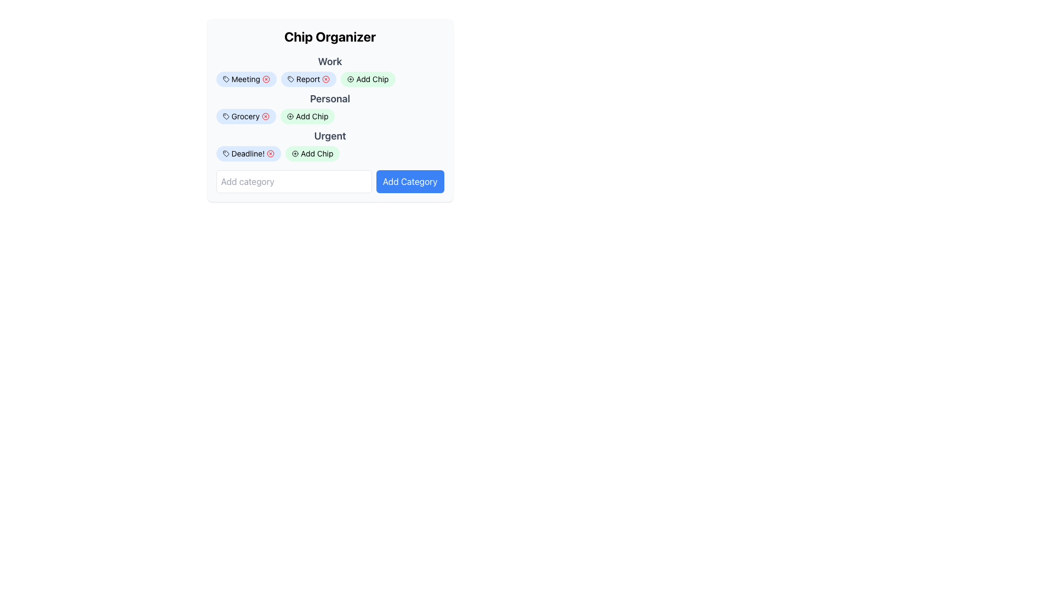 The image size is (1052, 591). I want to click on the red cross icon of the 'Report' chip, so click(308, 79).